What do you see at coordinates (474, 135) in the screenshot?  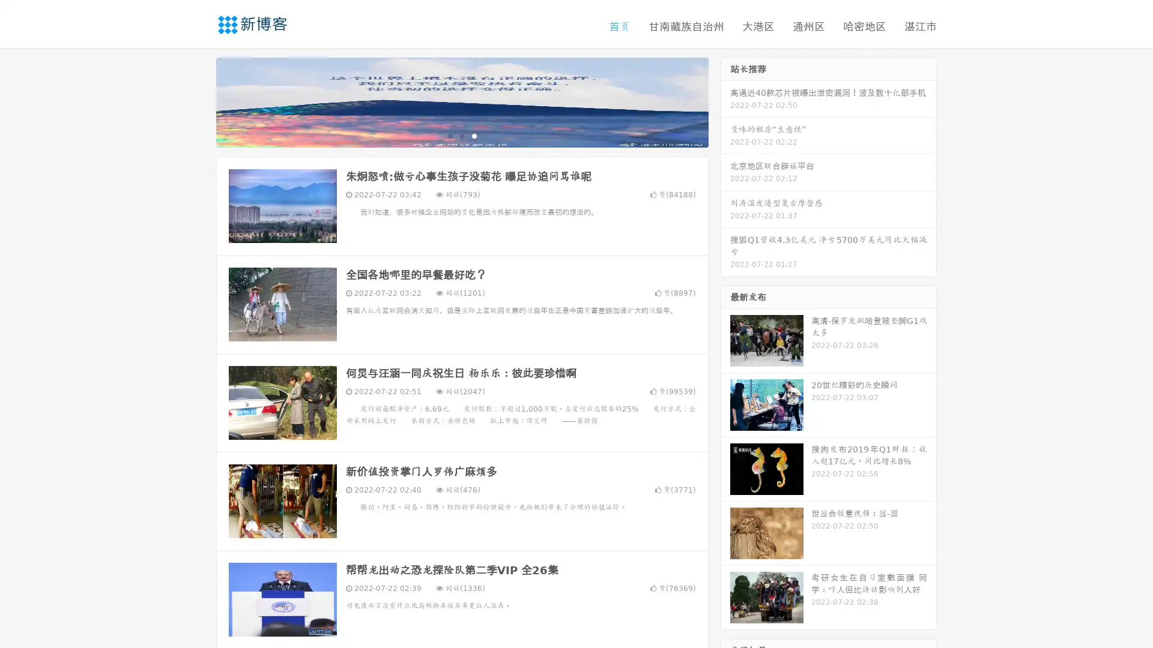 I see `Go to slide 3` at bounding box center [474, 135].